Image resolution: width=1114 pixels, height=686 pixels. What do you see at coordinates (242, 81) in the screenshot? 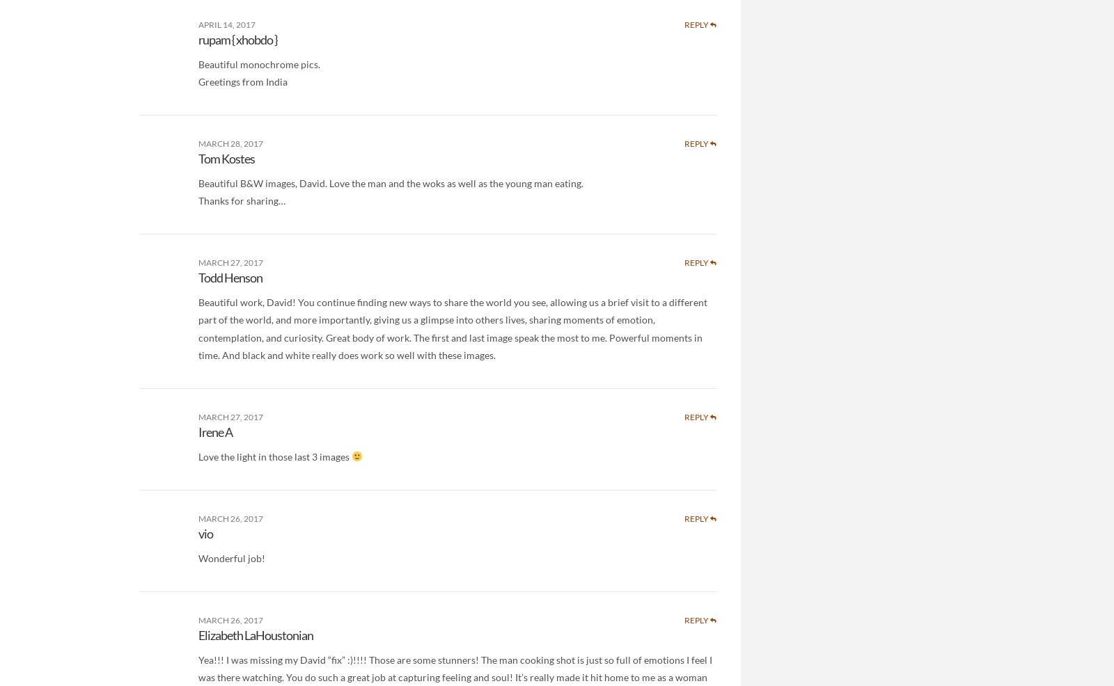
I see `'Greetings from India'` at bounding box center [242, 81].